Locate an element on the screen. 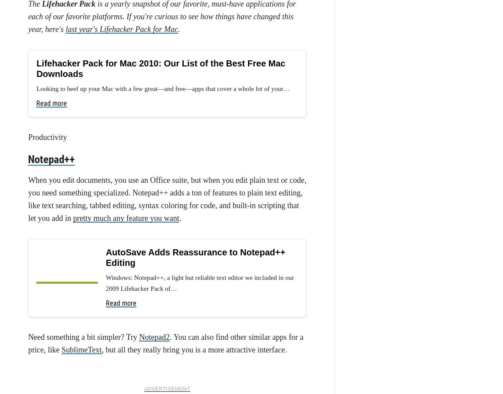 The width and height of the screenshot is (503, 394). 'web service goes down' is located at coordinates (28, 54).